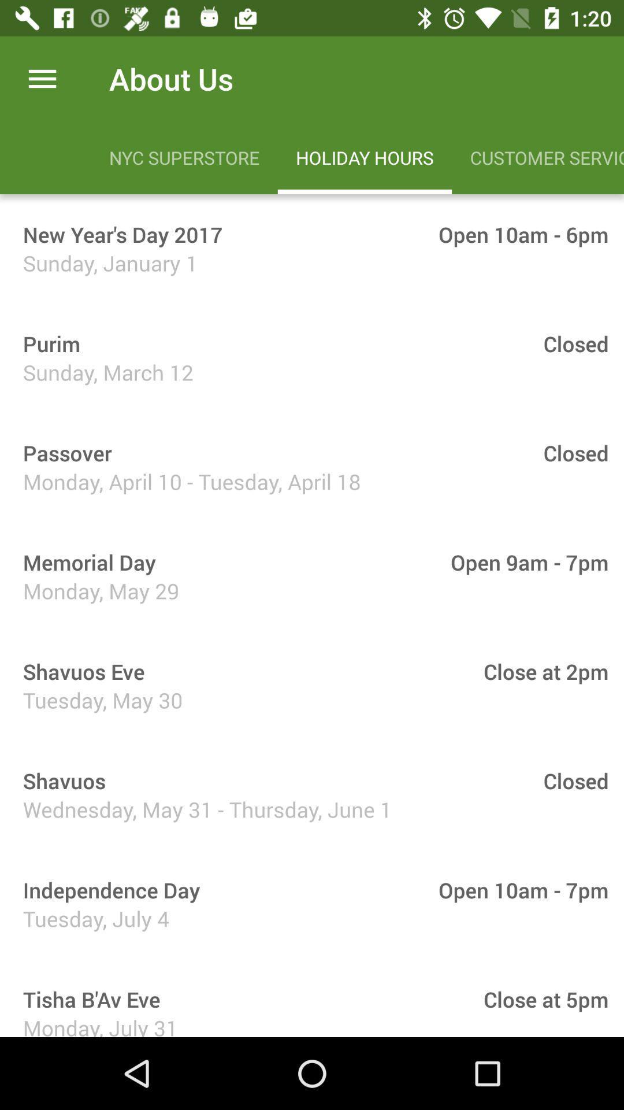 This screenshot has width=624, height=1110. What do you see at coordinates (118, 234) in the screenshot?
I see `the icon next to the open 10am - 6pm icon` at bounding box center [118, 234].